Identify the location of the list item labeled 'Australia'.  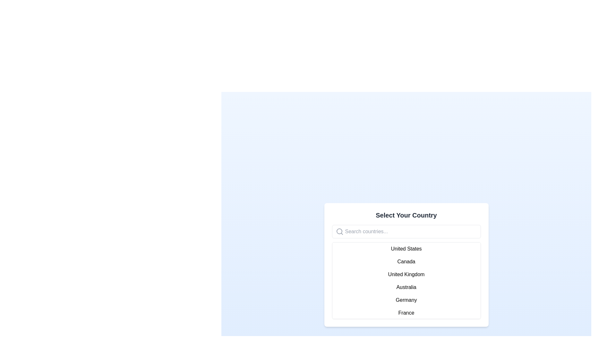
(406, 287).